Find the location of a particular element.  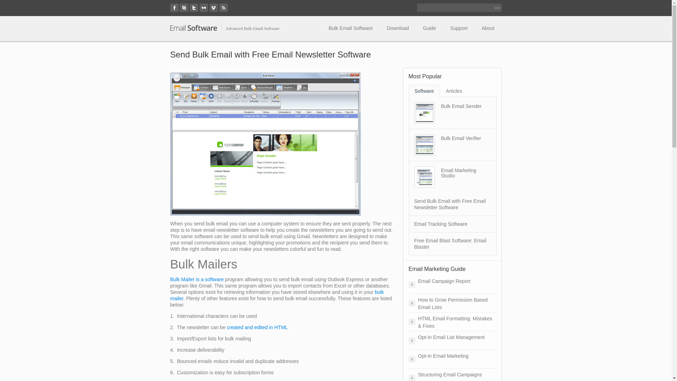

'Bulk Email Verifier' is located at coordinates (440, 138).